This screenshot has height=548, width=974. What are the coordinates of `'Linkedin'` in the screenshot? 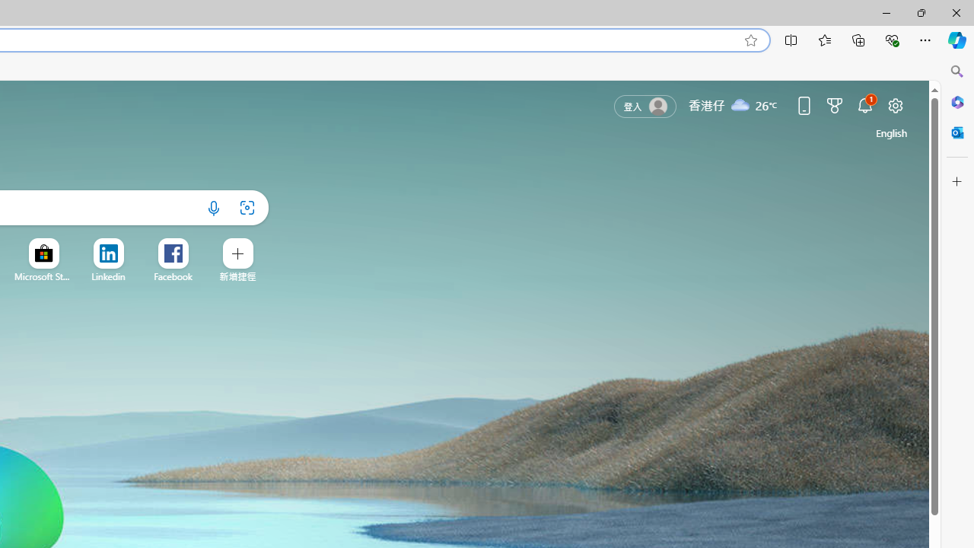 It's located at (107, 276).